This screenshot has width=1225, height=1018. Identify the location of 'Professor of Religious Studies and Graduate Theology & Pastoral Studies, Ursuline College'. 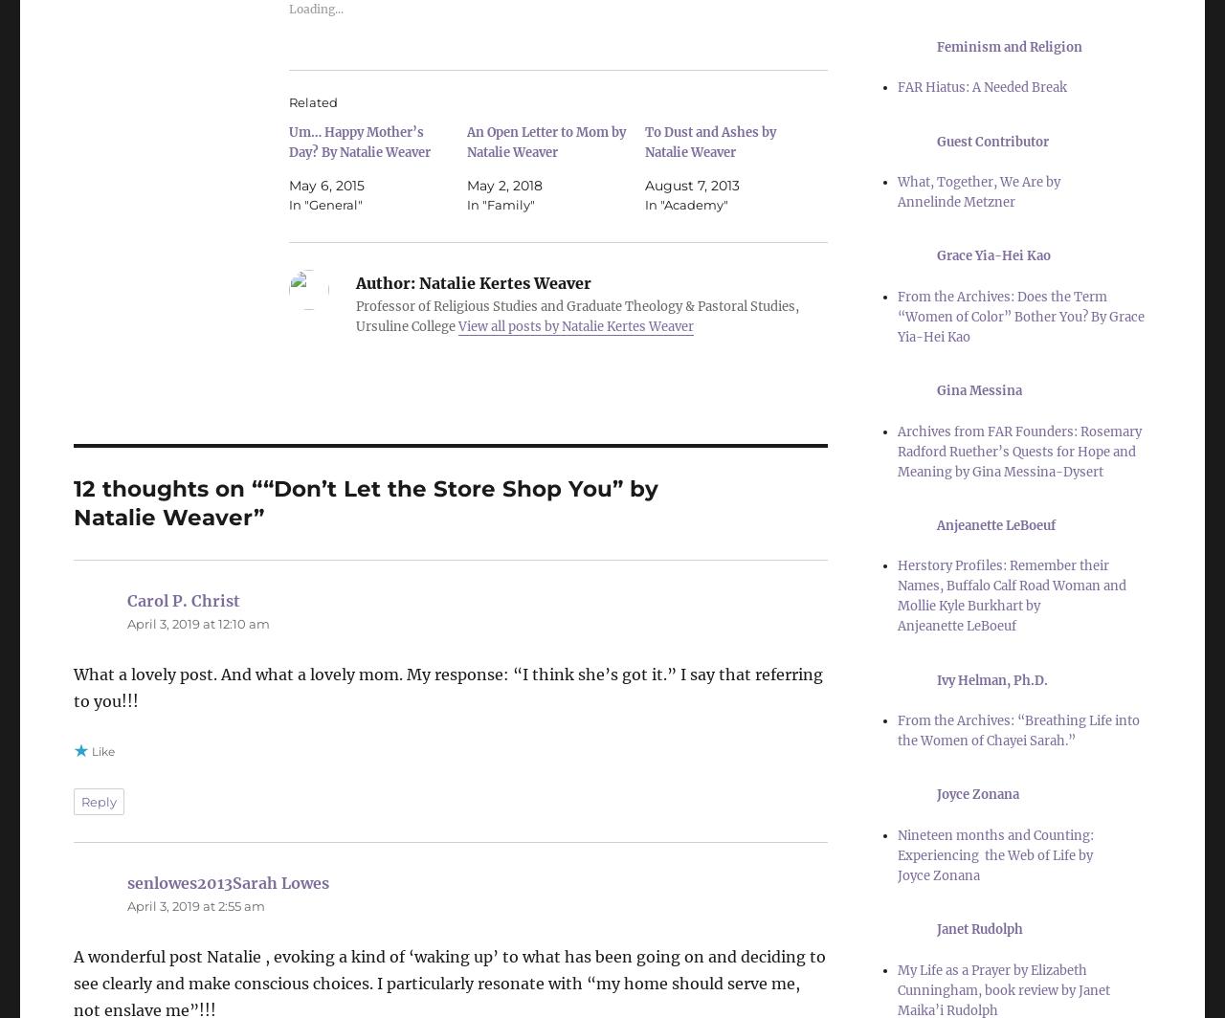
(355, 317).